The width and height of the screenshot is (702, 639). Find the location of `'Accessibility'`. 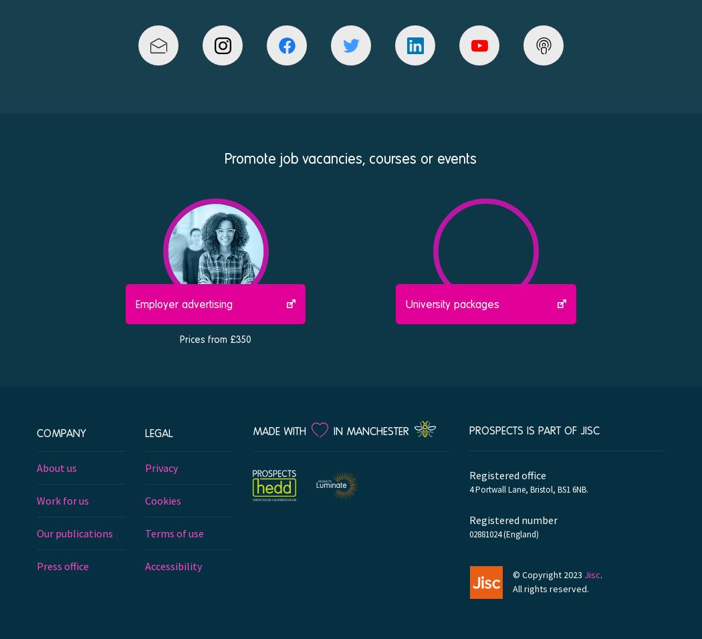

'Accessibility' is located at coordinates (172, 565).